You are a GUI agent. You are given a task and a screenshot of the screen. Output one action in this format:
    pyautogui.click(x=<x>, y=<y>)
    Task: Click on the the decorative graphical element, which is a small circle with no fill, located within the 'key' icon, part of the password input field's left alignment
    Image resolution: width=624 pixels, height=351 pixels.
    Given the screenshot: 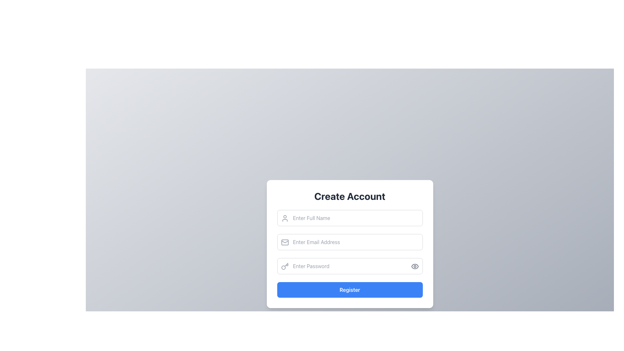 What is the action you would take?
    pyautogui.click(x=283, y=267)
    